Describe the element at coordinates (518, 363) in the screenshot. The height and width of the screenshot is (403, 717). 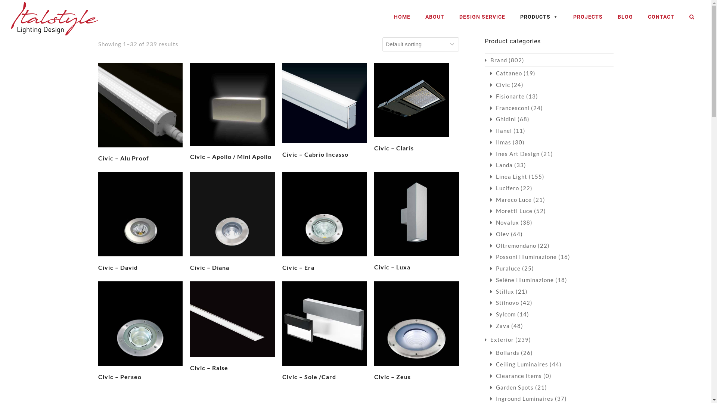
I see `'Ceiling Luminaires'` at that location.